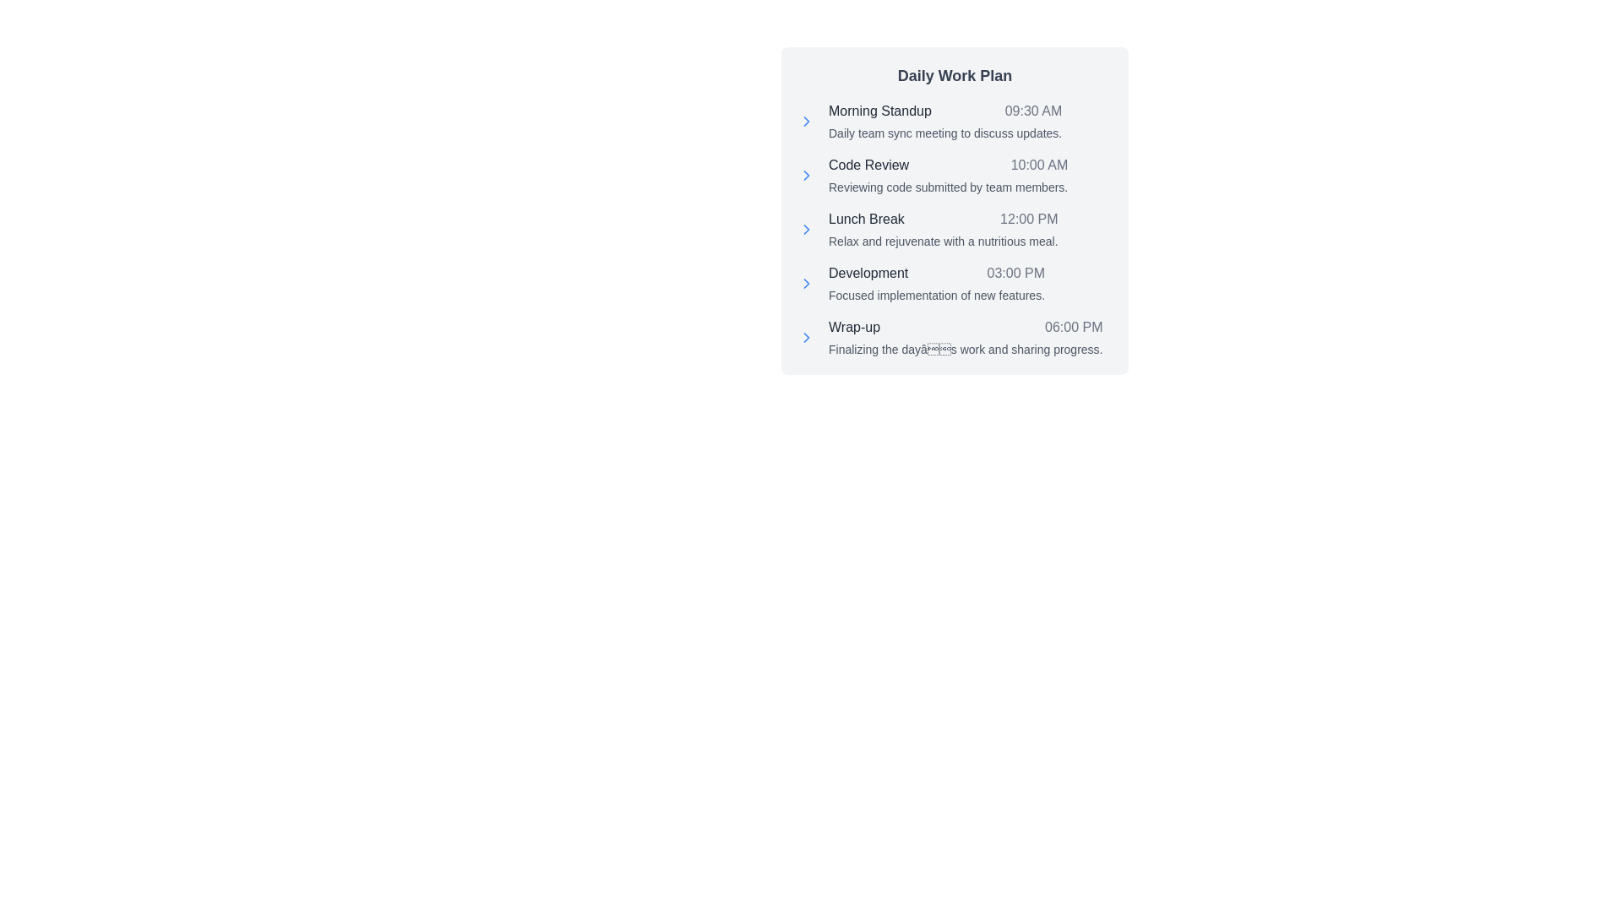 Image resolution: width=1622 pixels, height=912 pixels. Describe the element at coordinates (942, 241) in the screenshot. I see `the descriptive text element located below the 'Lunch Break' and '12:00 PM' text elements, which provides additional details about the scheduled activity` at that location.